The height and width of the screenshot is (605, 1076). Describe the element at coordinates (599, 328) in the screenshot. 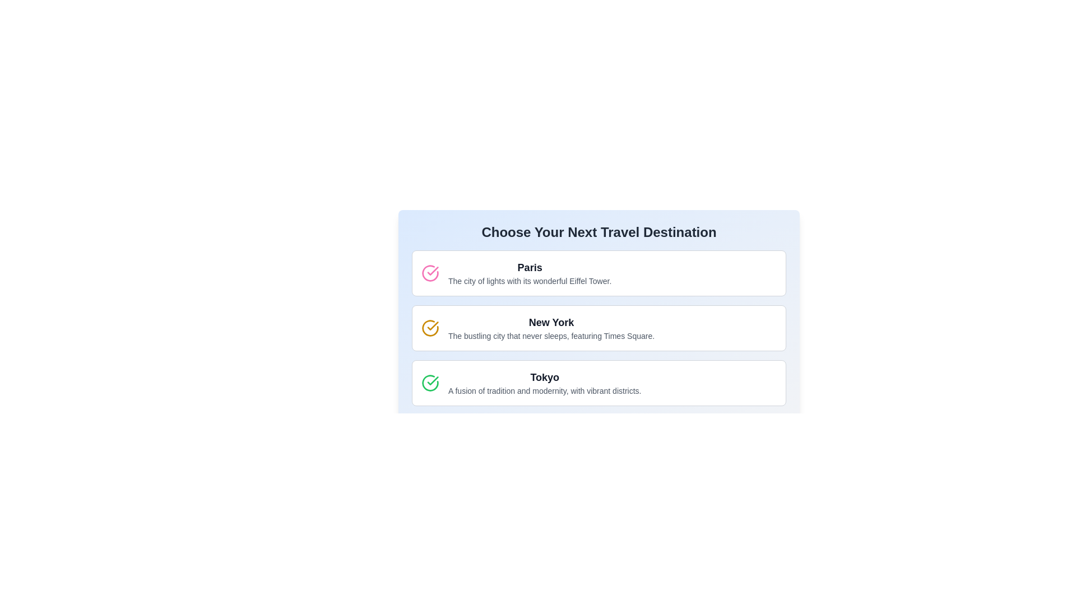

I see `the stylized button for 'New York' to trigger hover effects` at that location.